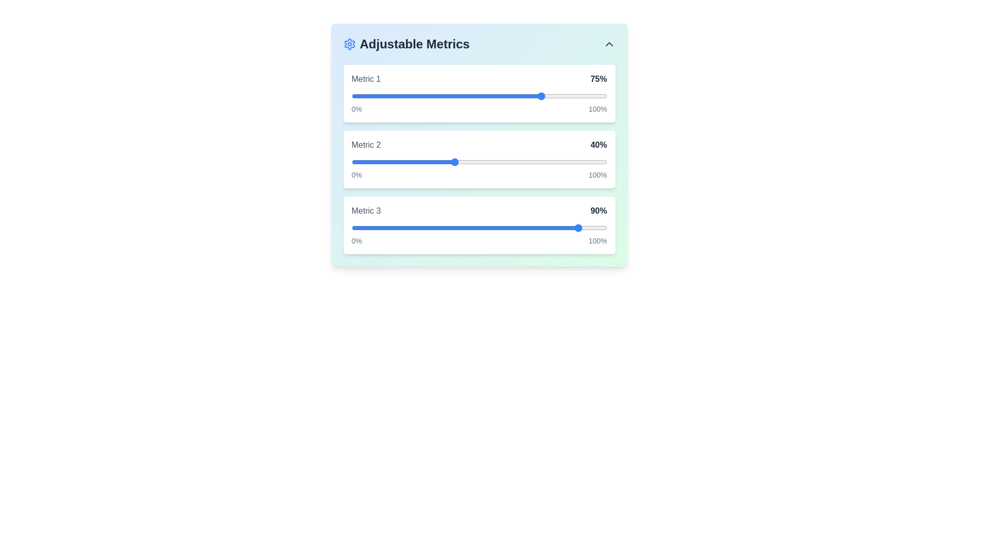 Image resolution: width=989 pixels, height=556 pixels. I want to click on the slider element labeled 'Metric 3', so click(479, 225).